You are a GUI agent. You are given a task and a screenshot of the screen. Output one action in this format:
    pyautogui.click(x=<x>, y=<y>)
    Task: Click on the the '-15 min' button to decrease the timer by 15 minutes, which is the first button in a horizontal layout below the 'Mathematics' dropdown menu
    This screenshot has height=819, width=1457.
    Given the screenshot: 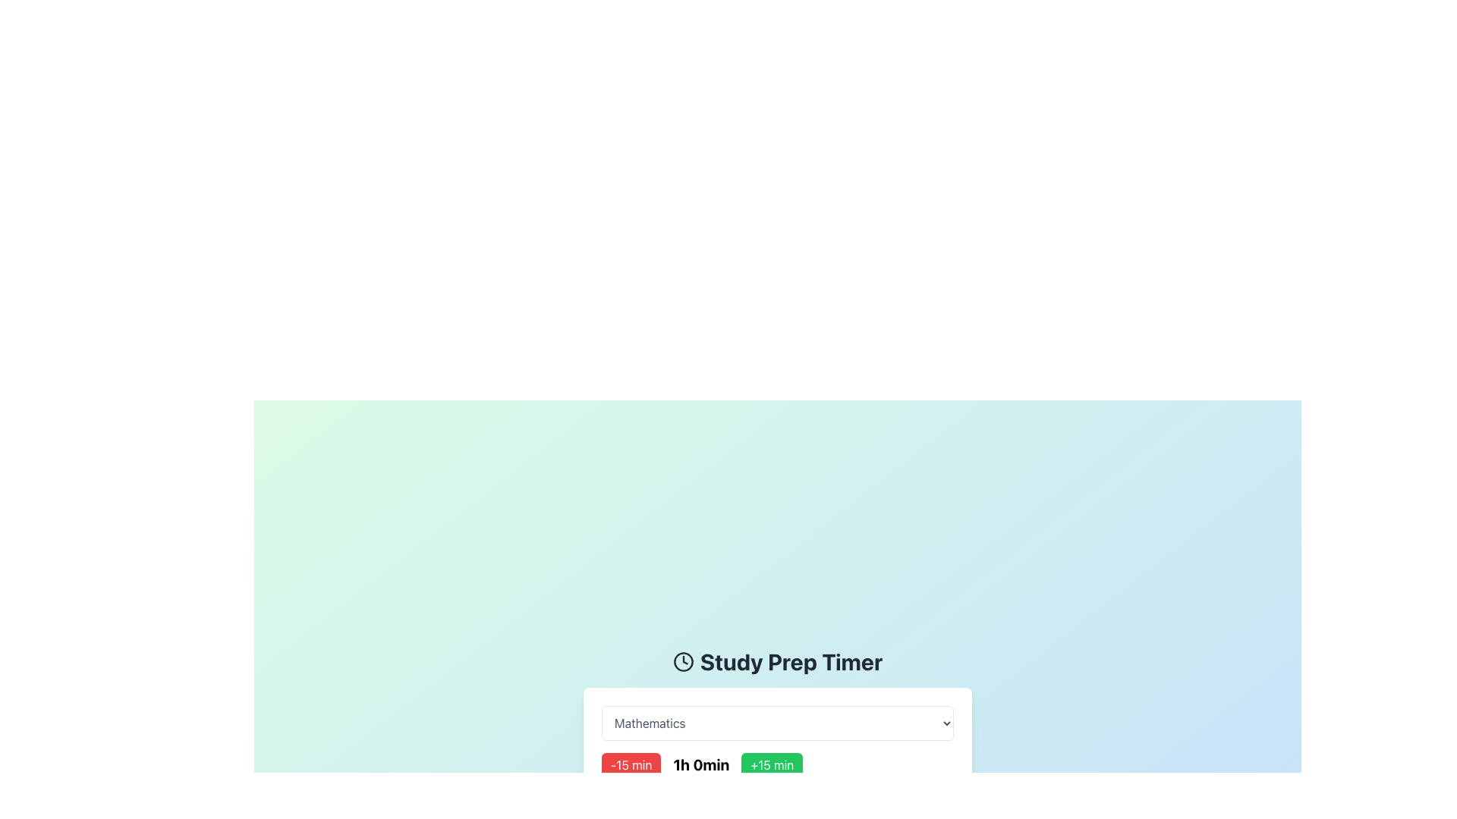 What is the action you would take?
    pyautogui.click(x=631, y=765)
    